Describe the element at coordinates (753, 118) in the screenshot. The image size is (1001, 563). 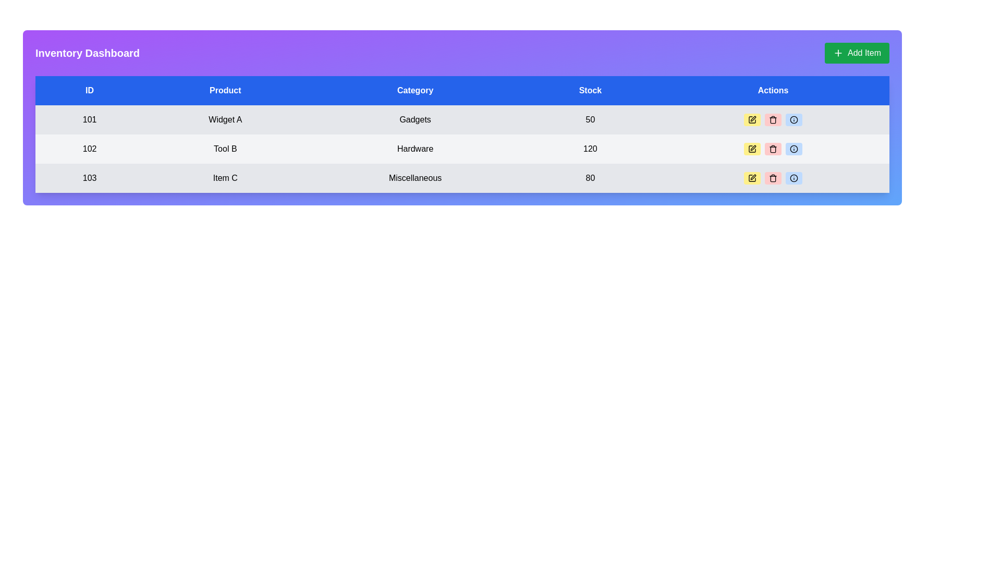
I see `the pen icon button, which has a yellow background and is located in the 'Actions' column of the first row in the data table` at that location.